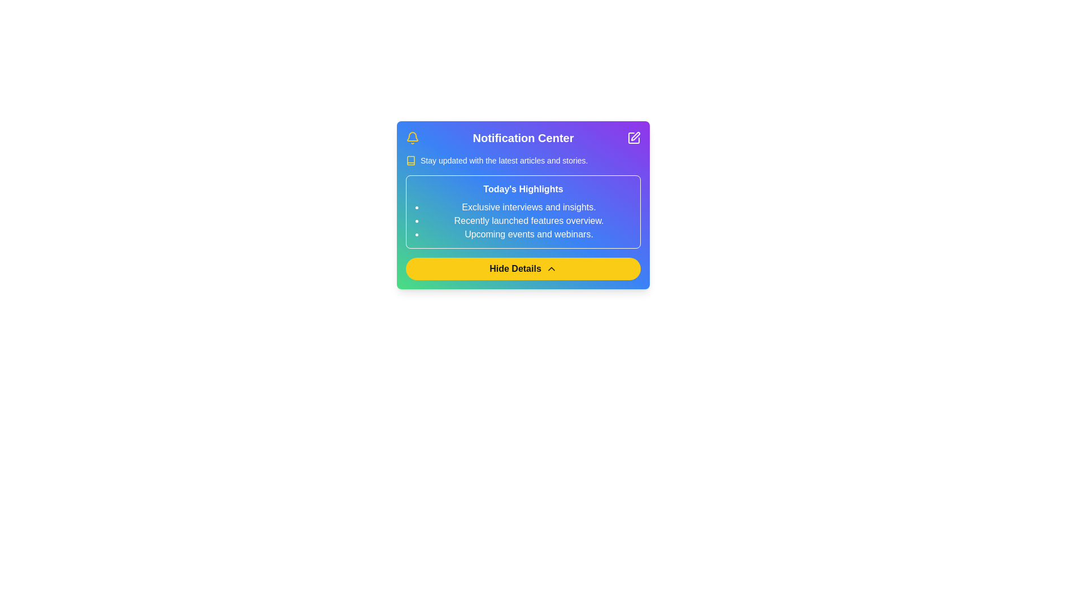  I want to click on contents of the bulleted list located in the 'Today's Highlights' section, which includes 'Exclusive interviews and insights.', 'Recently launched features overview.', and 'Upcoming events and webinars.', so click(522, 221).